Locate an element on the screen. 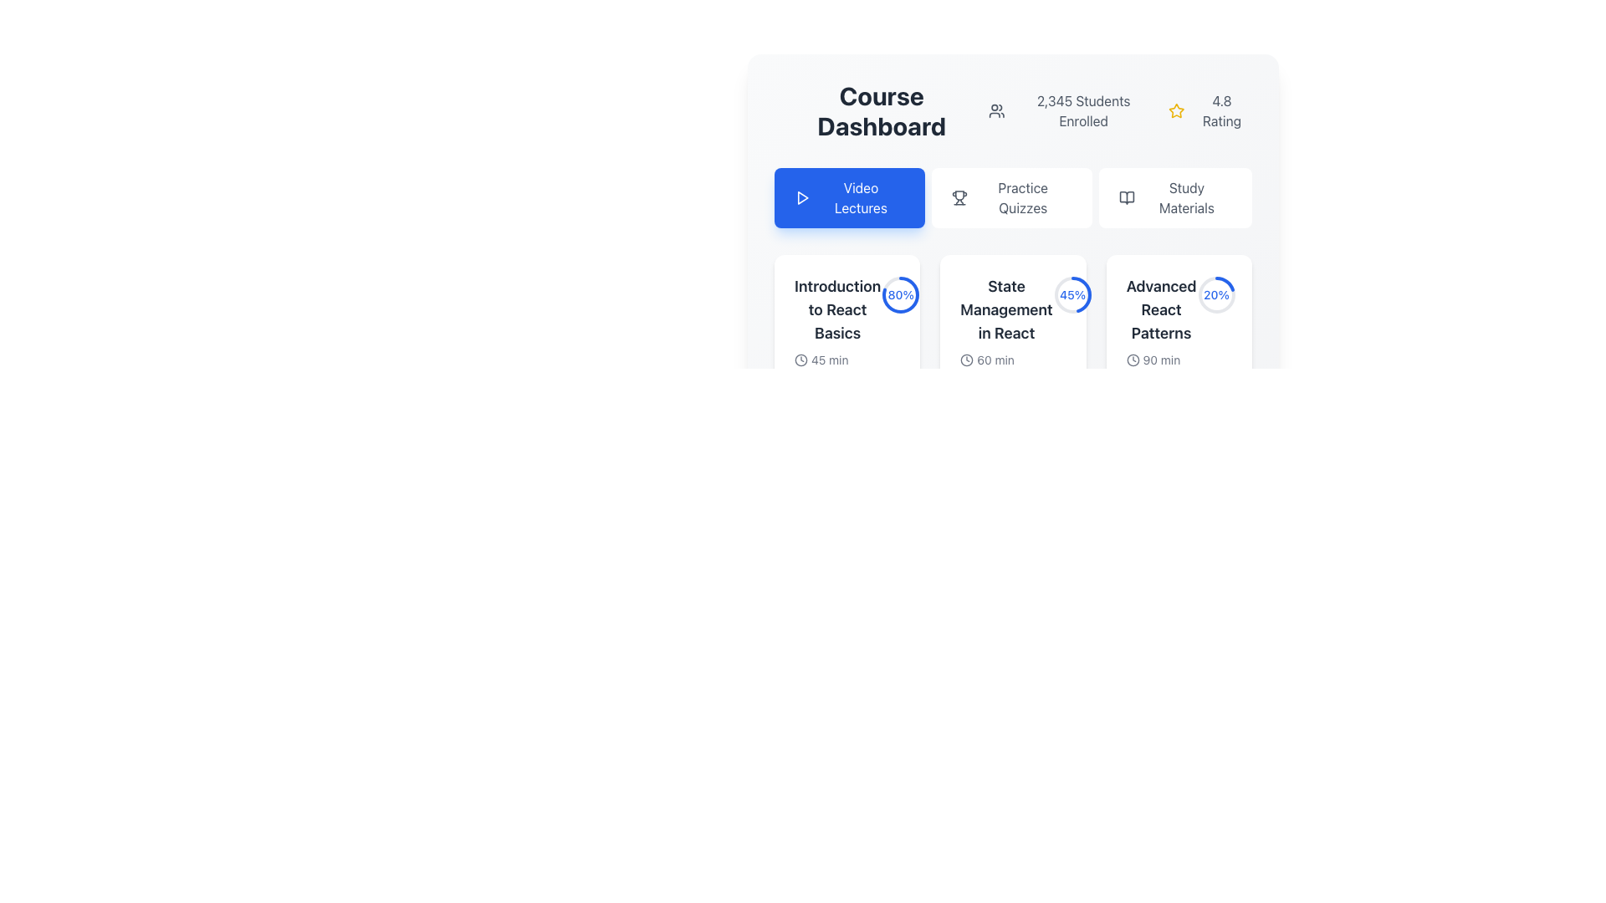 The width and height of the screenshot is (1606, 903). the 'Advanced React Patterns' card is located at coordinates (1160, 340).